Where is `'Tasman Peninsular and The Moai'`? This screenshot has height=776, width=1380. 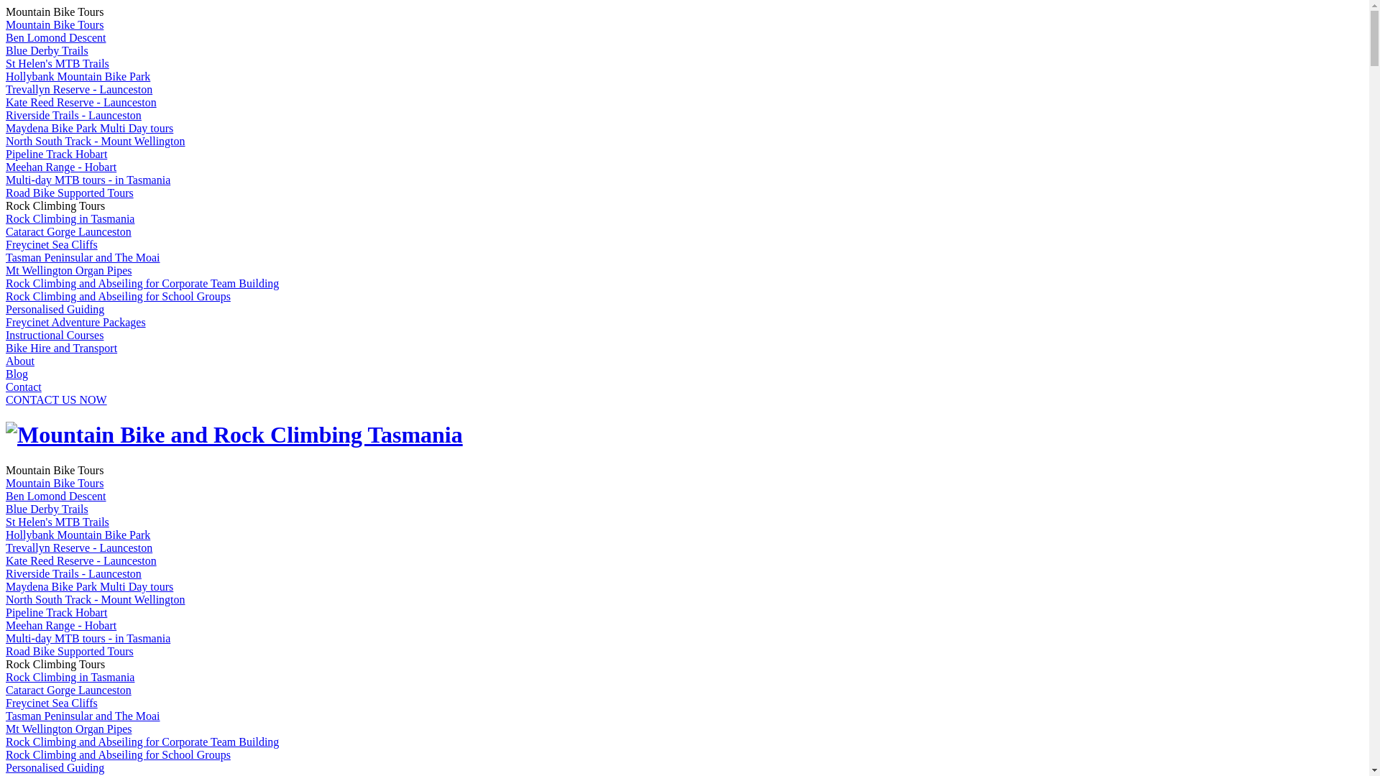 'Tasman Peninsular and The Moai' is located at coordinates (82, 716).